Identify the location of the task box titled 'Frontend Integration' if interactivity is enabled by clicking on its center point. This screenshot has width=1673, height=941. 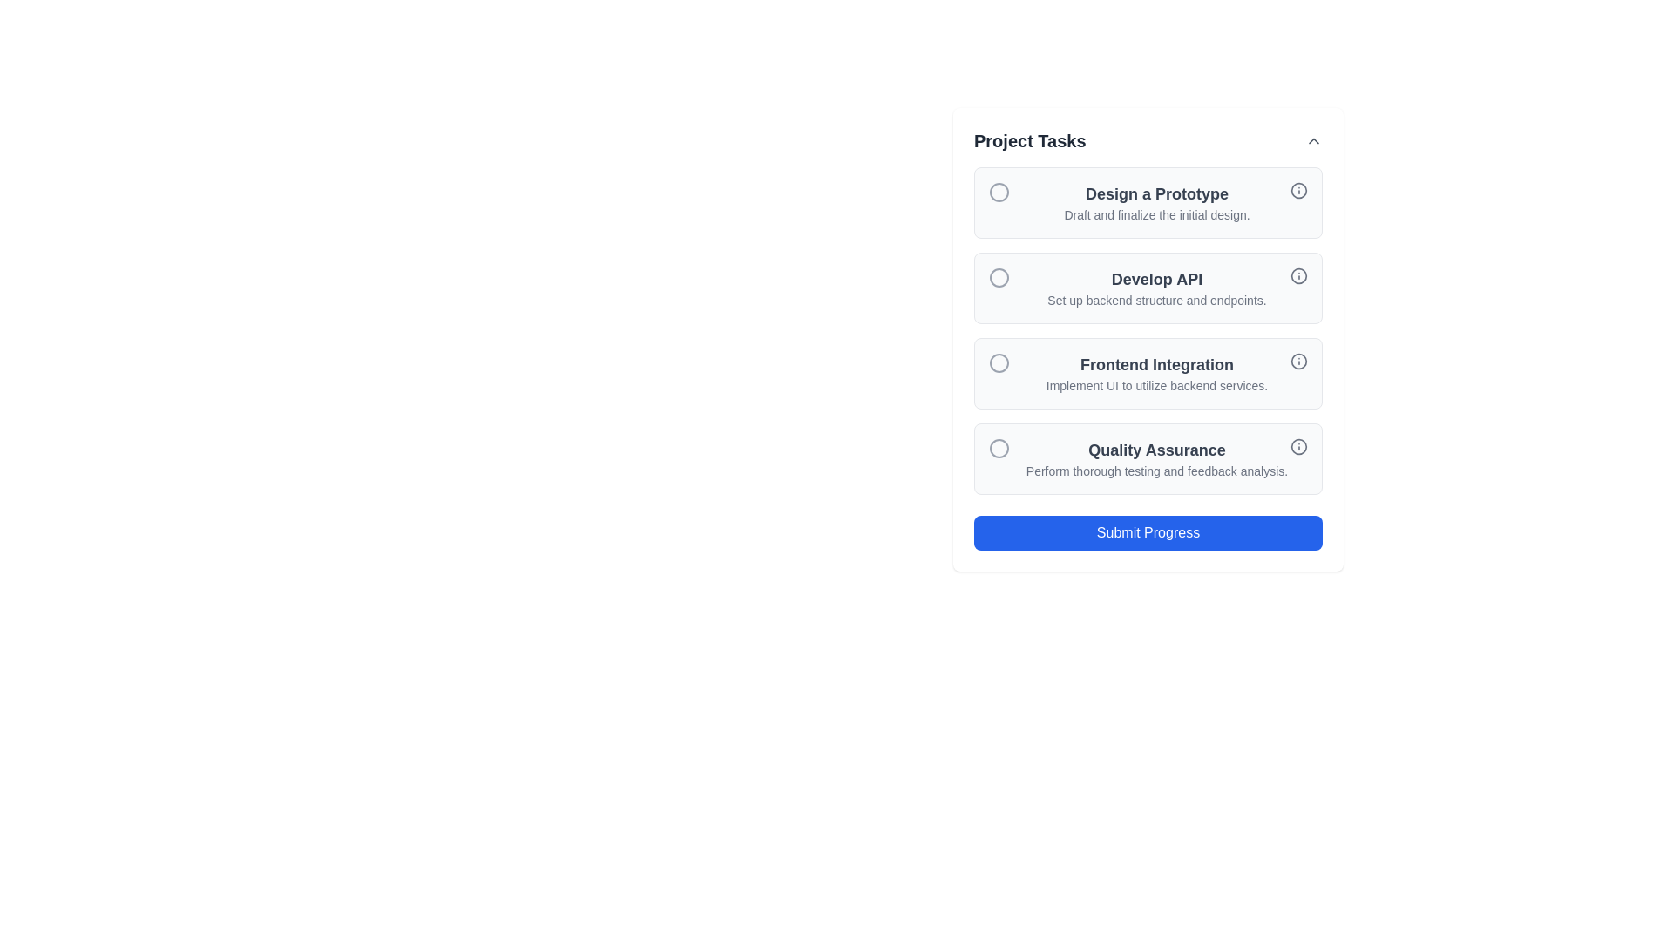
(1157, 372).